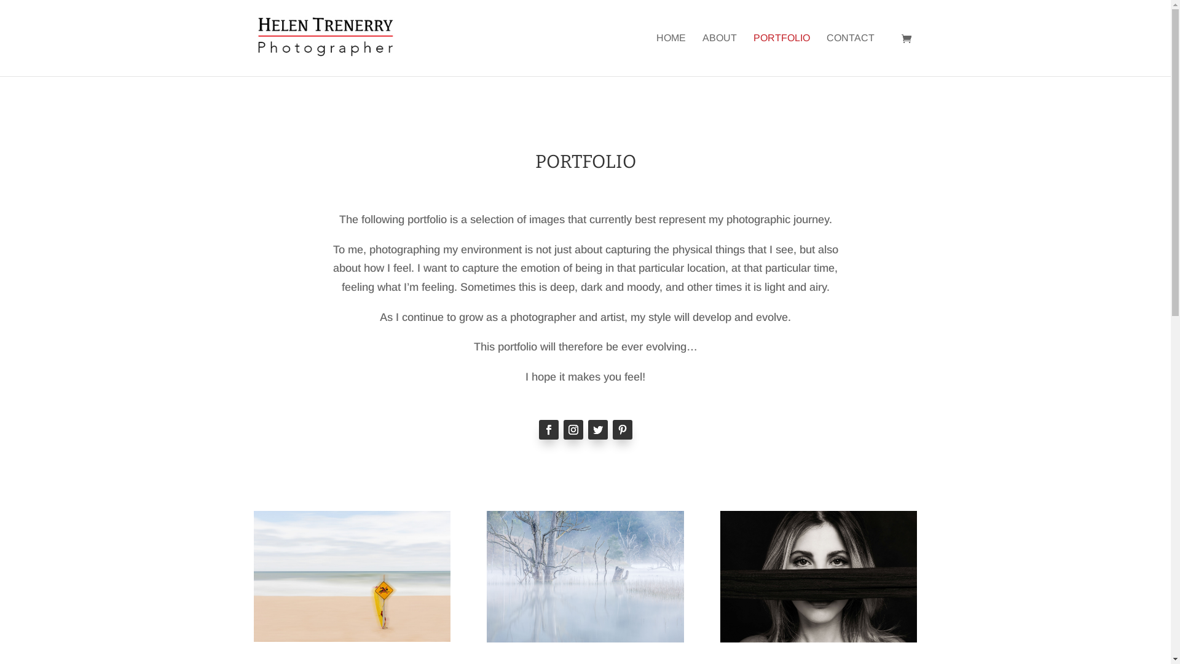 The image size is (1180, 664). I want to click on 'PORTFOLIO', so click(781, 54).